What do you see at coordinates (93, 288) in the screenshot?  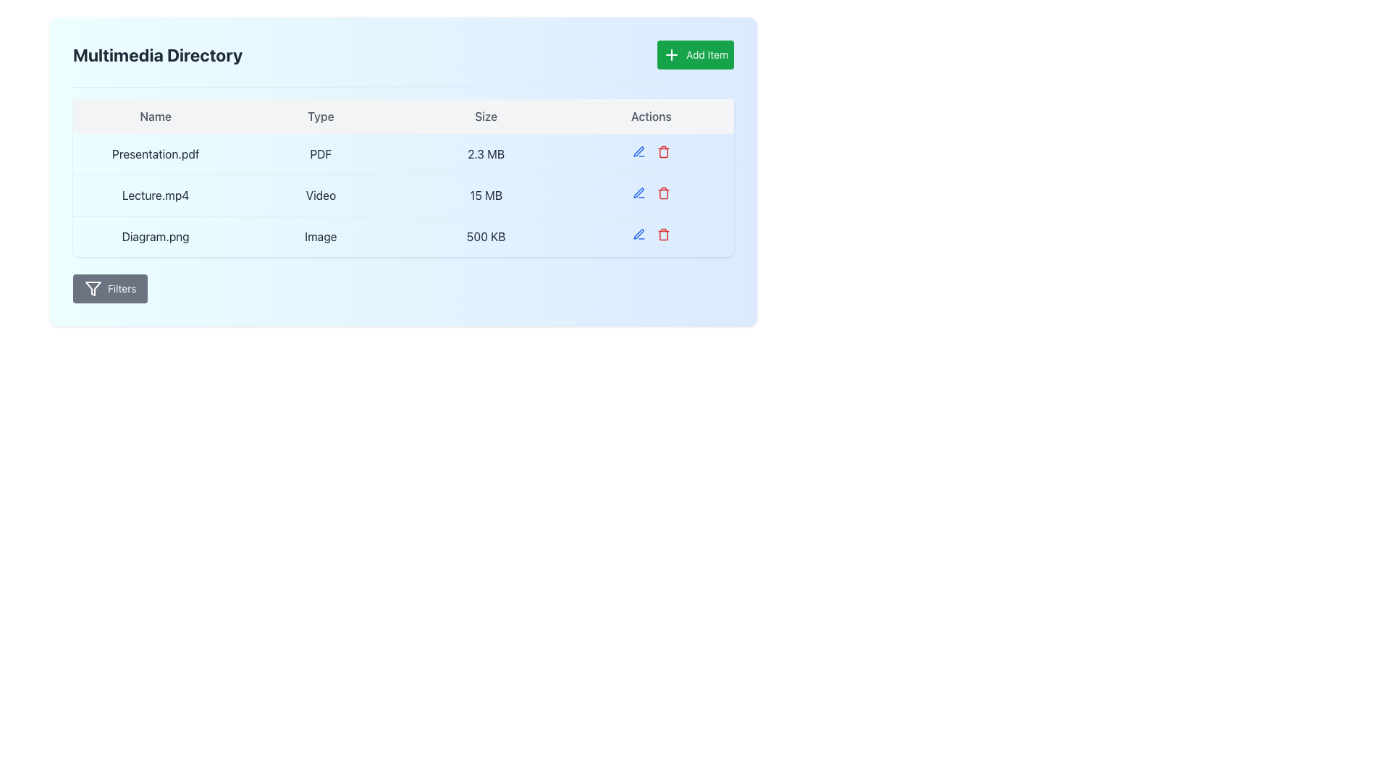 I see `the filter icon located in the bottom-left section of the user interface, underneath the 'Multimedia Directory' table, to interact with the filter options` at bounding box center [93, 288].